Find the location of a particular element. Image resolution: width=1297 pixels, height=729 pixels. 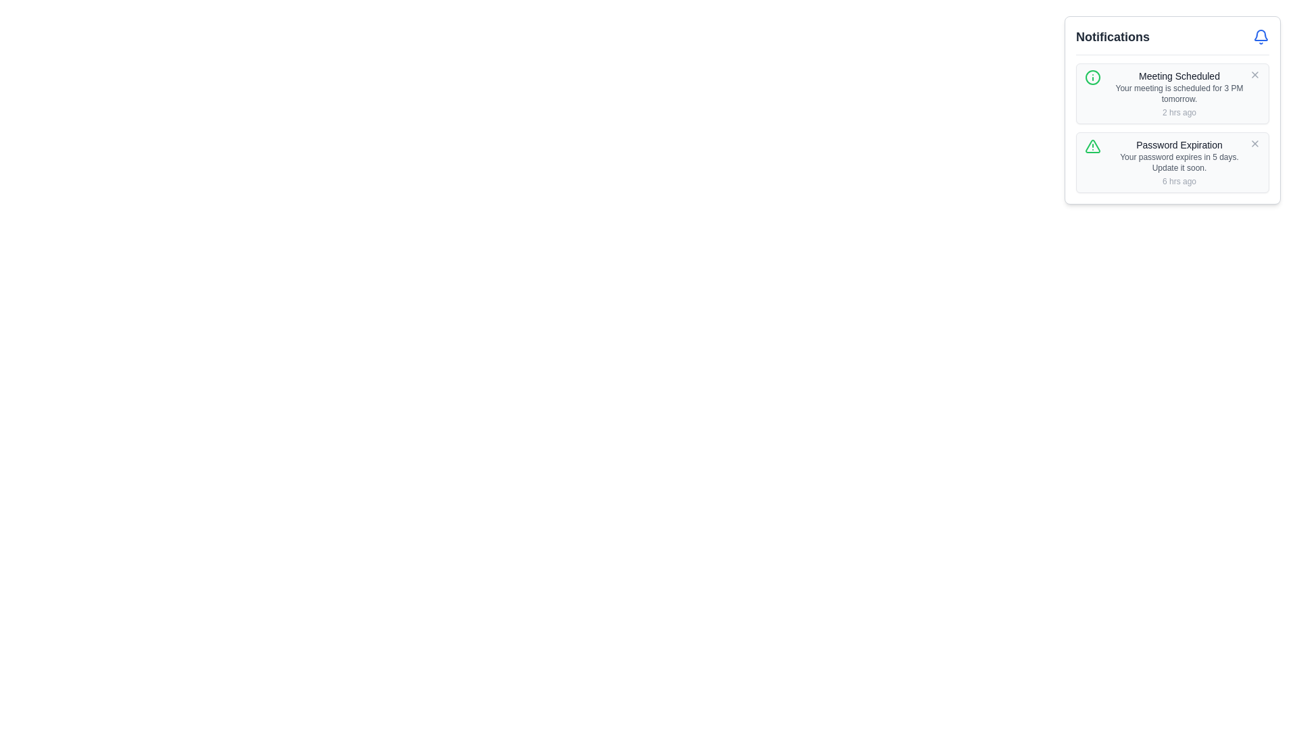

primary text block notification about the upcoming expiration of the password located in the Notifications panel, which is centrally aligned below the 'Meeting Scheduled' notification is located at coordinates (1179, 161).